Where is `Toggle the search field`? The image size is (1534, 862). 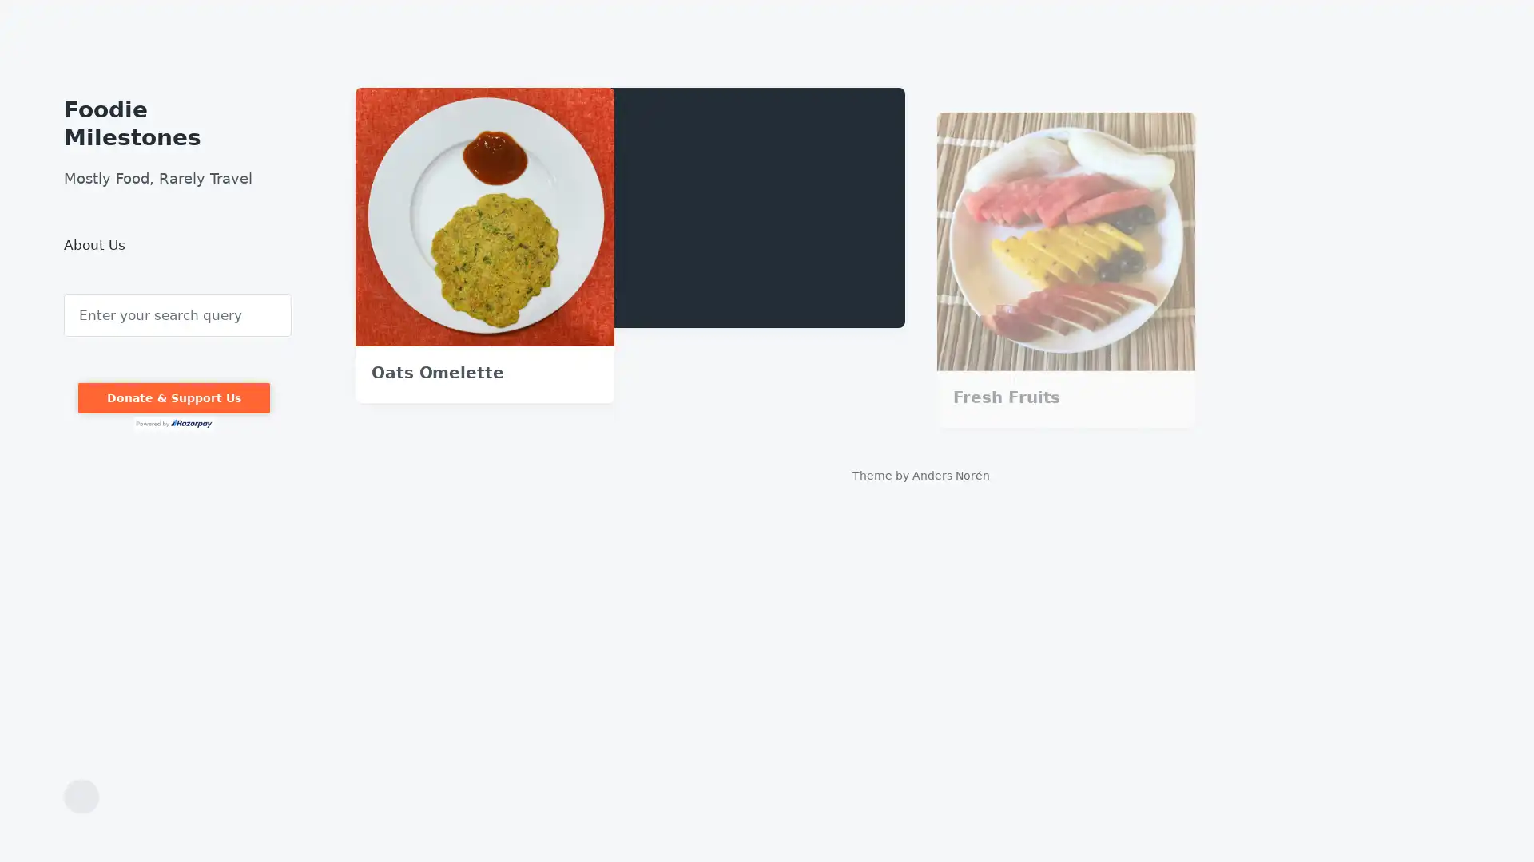
Toggle the search field is located at coordinates (80, 797).